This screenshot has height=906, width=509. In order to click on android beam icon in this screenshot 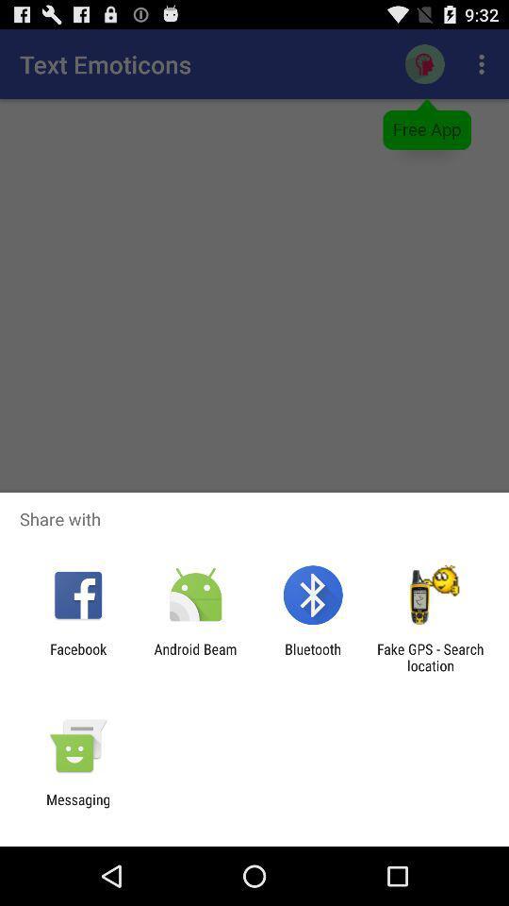, I will do `click(194, 657)`.